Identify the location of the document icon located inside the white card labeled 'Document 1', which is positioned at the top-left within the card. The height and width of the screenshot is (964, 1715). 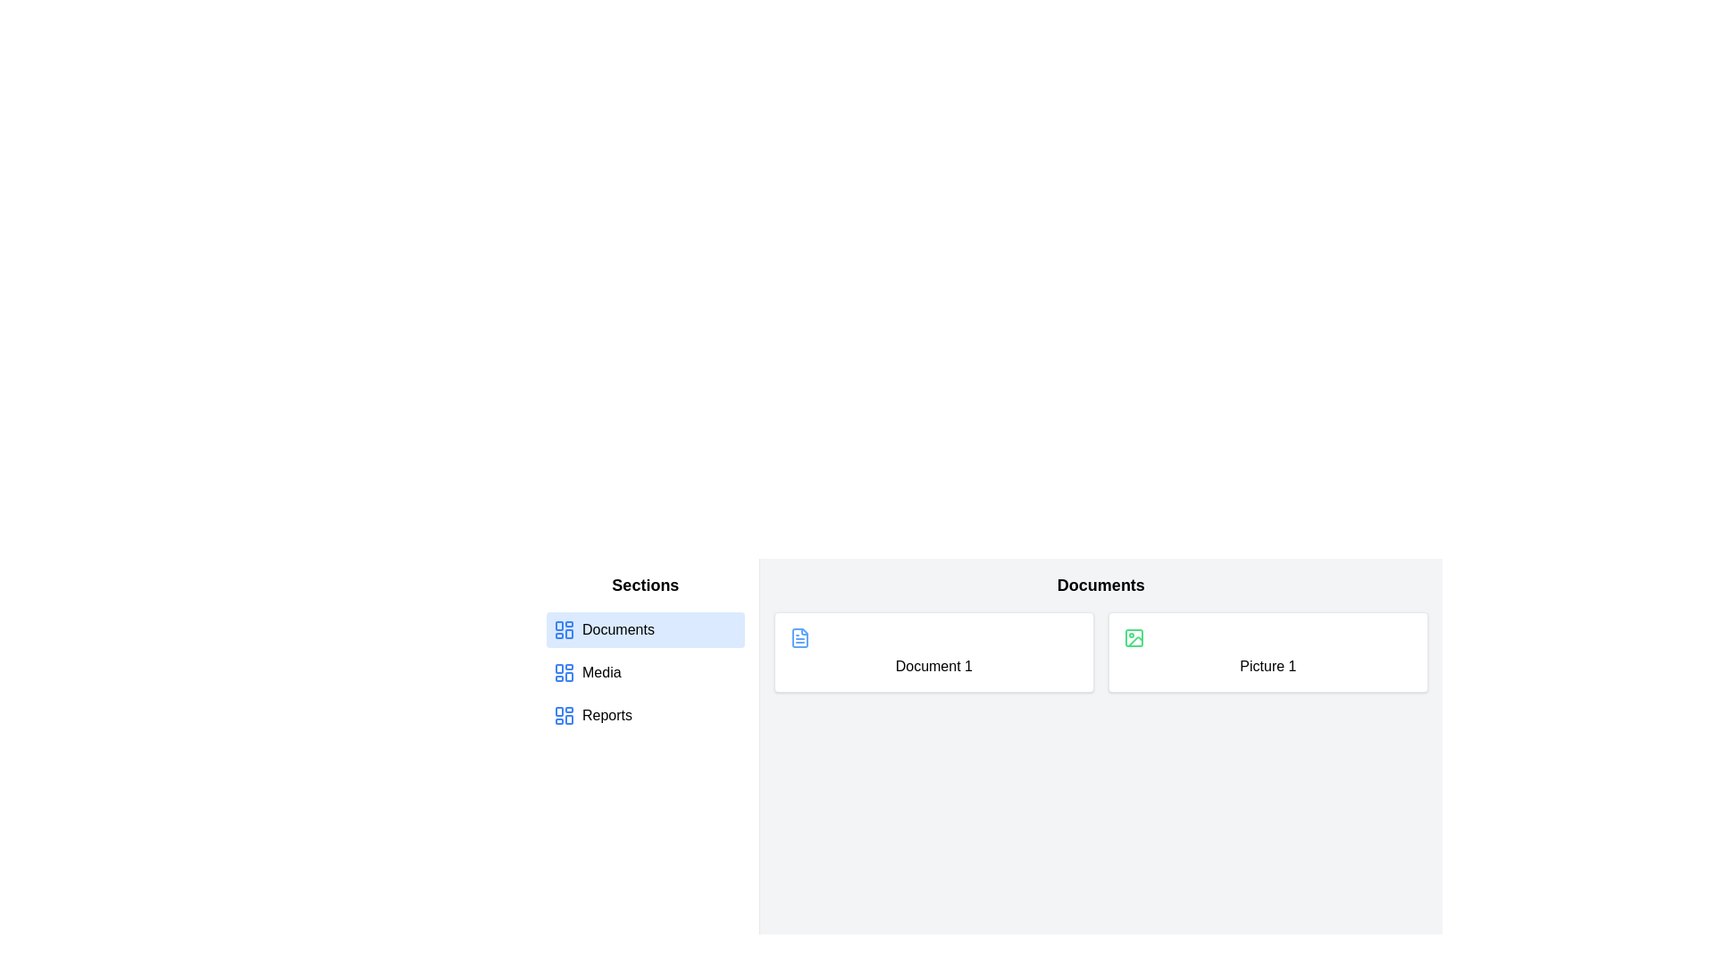
(799, 636).